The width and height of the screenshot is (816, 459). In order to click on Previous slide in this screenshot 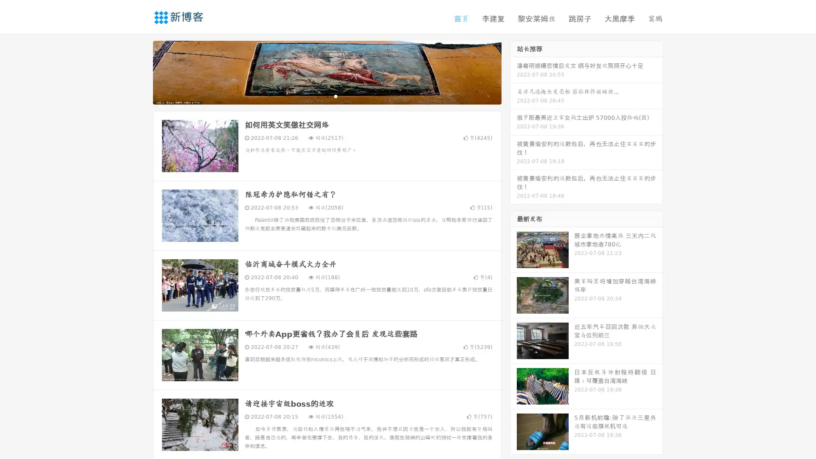, I will do `click(140, 71)`.